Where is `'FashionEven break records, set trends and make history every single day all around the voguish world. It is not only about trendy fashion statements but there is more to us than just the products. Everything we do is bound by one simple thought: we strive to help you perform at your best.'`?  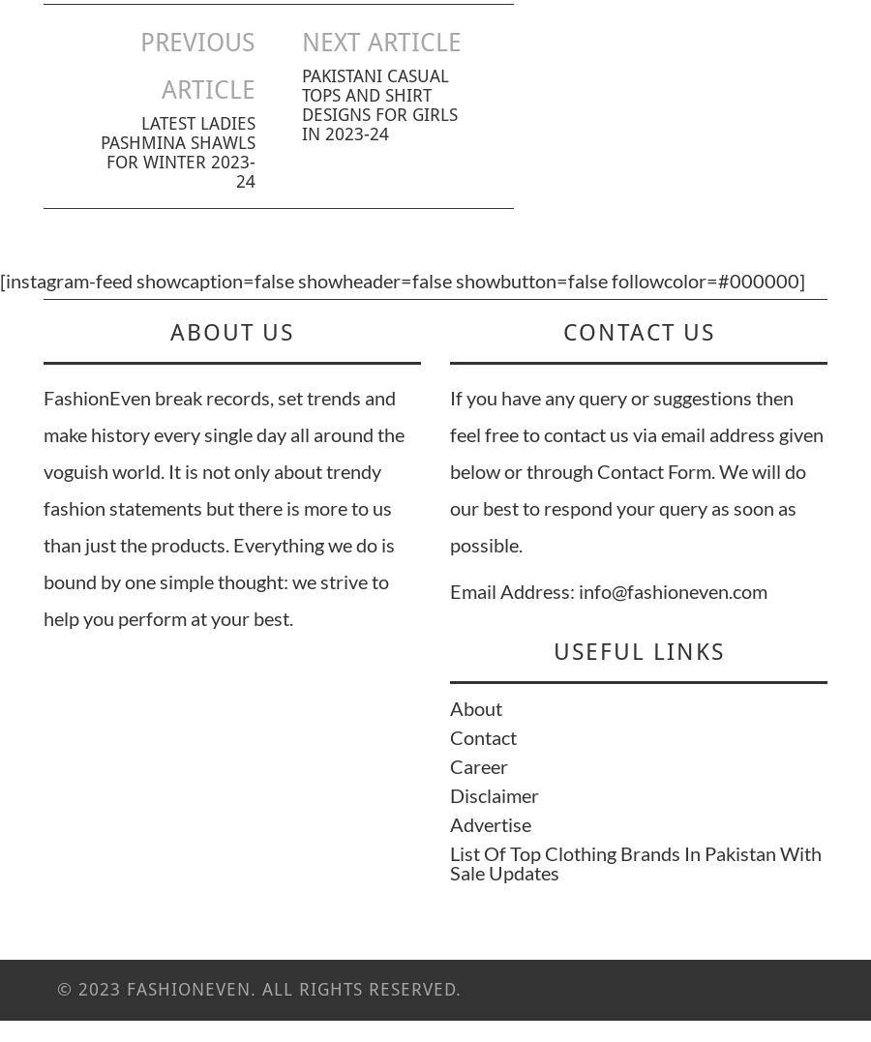 'FashionEven break records, set trends and make history every single day all around the voguish world. It is not only about trendy fashion statements but there is more to us than just the products. Everything we do is bound by one simple thought: we strive to help you perform at your best.' is located at coordinates (223, 507).